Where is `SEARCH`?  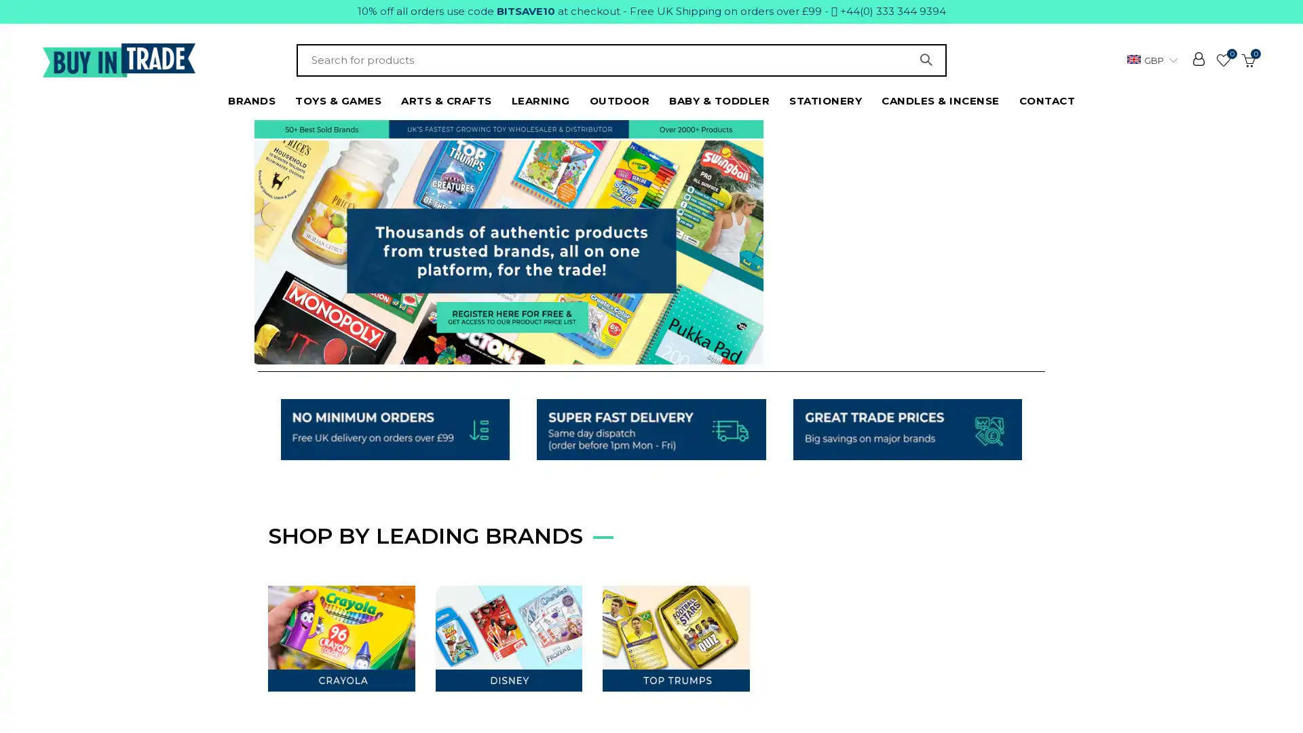 SEARCH is located at coordinates (928, 59).